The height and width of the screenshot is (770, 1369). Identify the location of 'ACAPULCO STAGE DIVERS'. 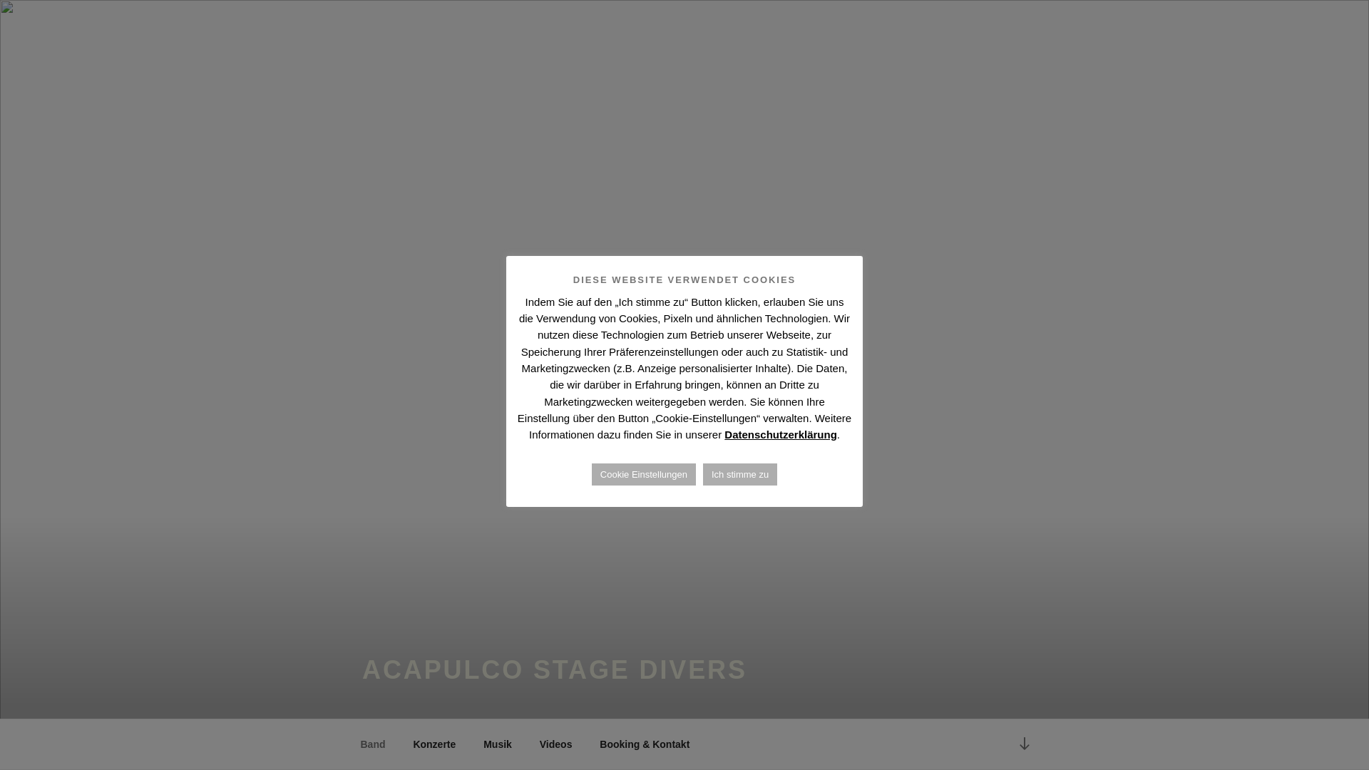
(553, 669).